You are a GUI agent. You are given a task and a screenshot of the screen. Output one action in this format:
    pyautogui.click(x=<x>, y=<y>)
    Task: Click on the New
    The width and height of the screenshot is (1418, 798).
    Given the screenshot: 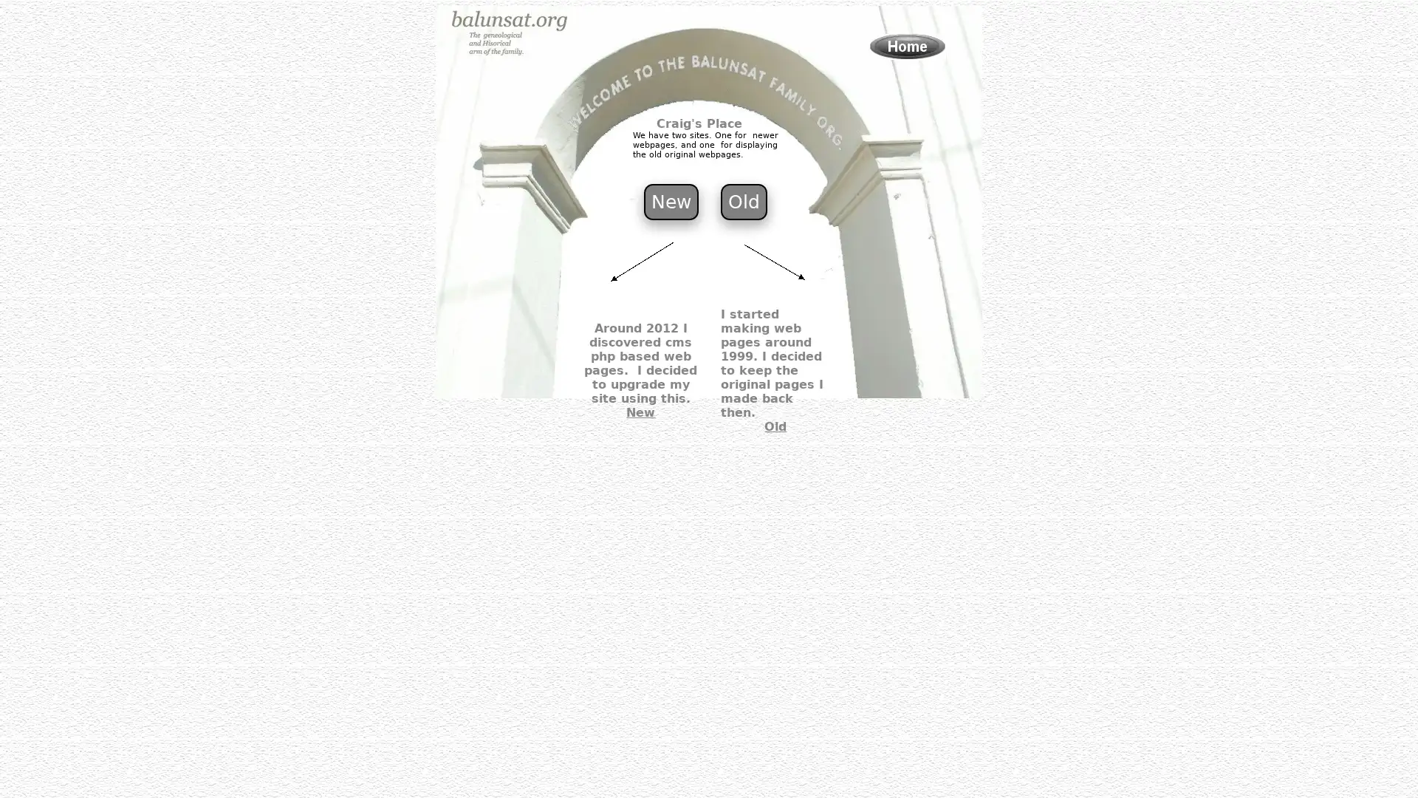 What is the action you would take?
    pyautogui.click(x=669, y=202)
    